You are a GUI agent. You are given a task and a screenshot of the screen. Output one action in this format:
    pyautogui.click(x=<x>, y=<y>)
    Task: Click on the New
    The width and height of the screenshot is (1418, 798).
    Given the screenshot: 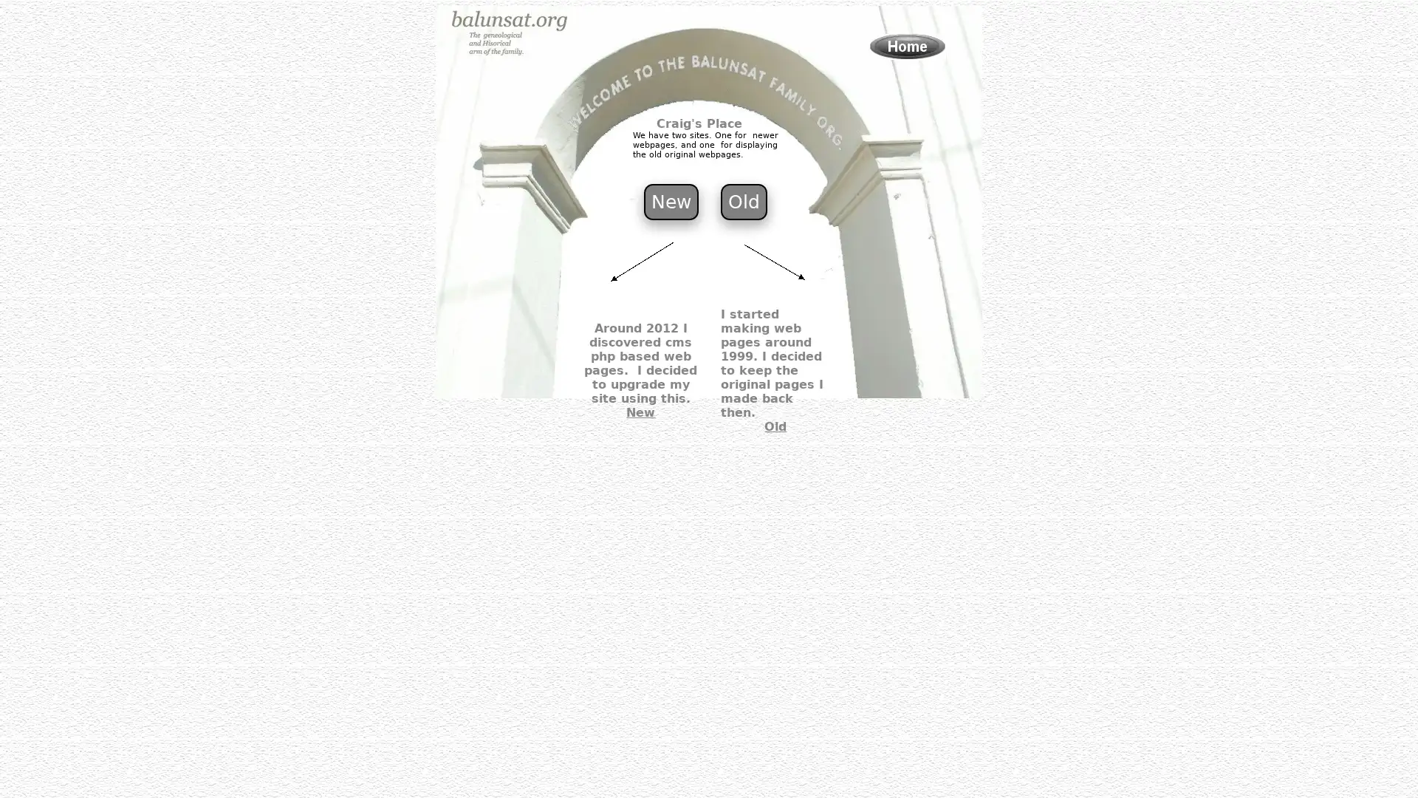 What is the action you would take?
    pyautogui.click(x=669, y=202)
    